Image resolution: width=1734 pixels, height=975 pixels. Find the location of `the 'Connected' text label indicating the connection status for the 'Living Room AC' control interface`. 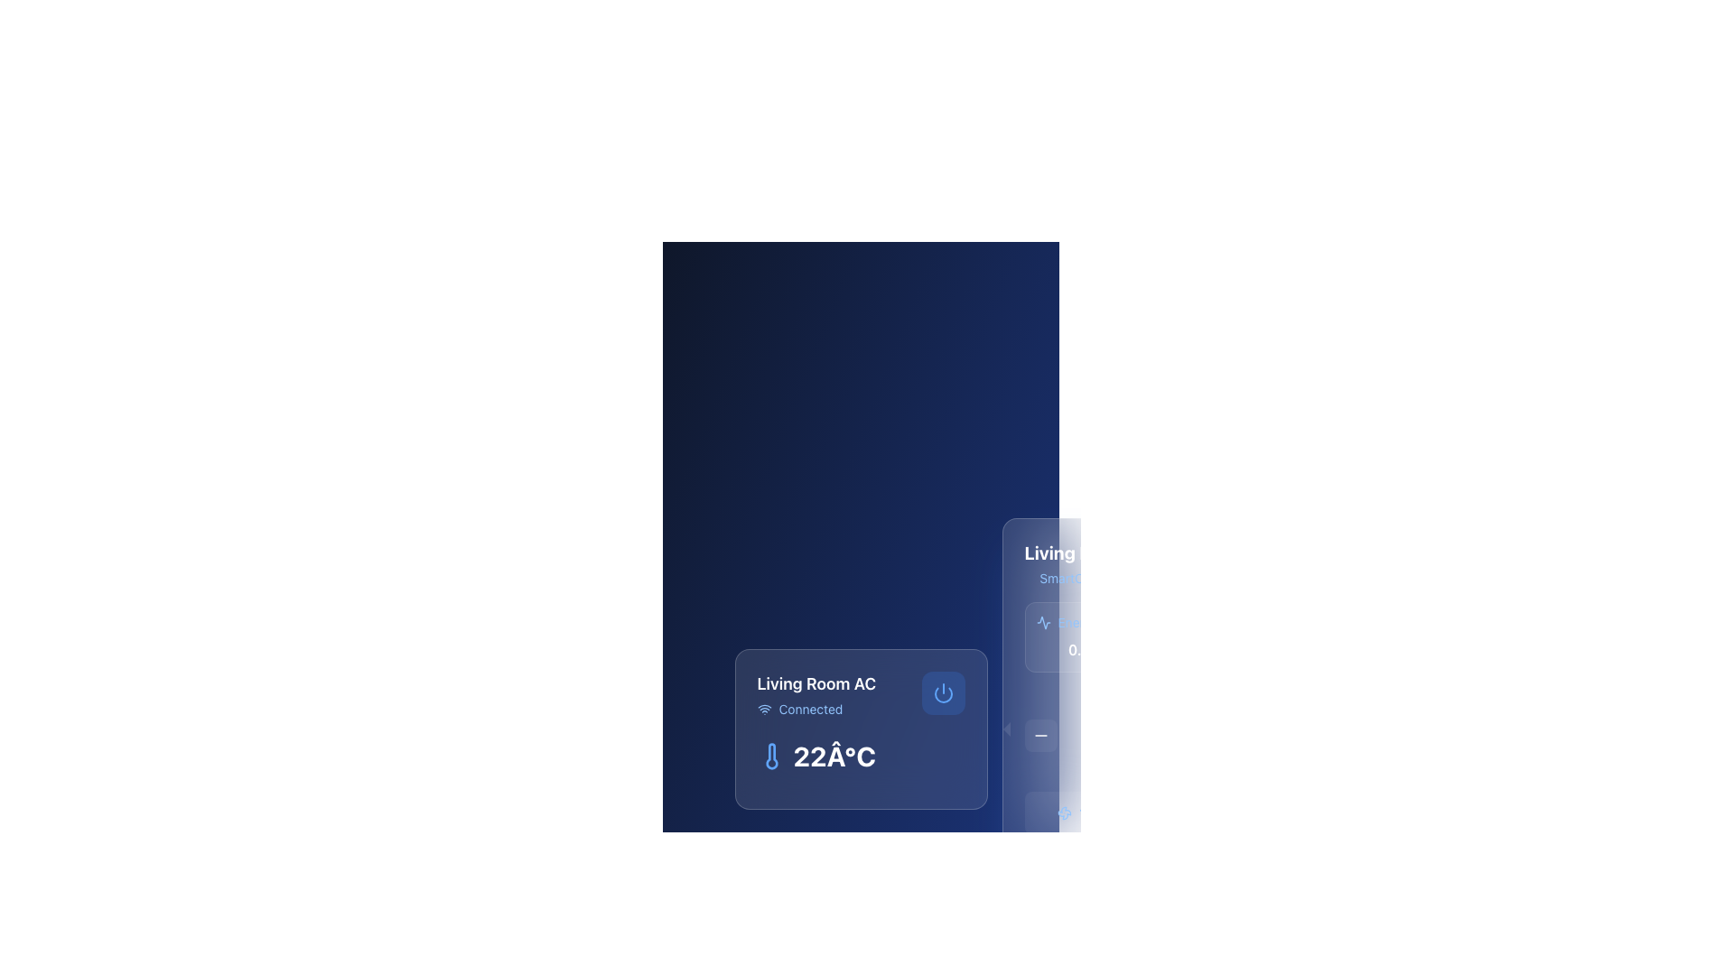

the 'Connected' text label indicating the connection status for the 'Living Room AC' control interface is located at coordinates (809, 709).